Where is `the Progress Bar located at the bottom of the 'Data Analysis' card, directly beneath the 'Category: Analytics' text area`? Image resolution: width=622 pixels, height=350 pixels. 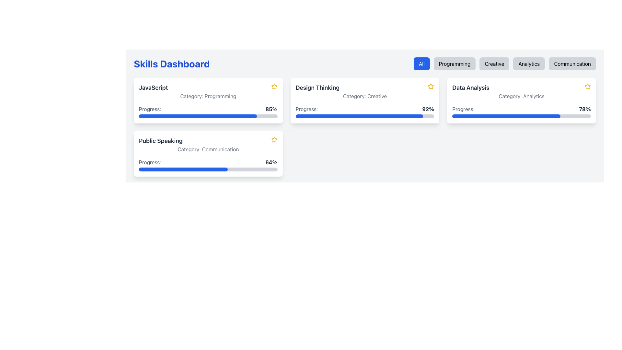 the Progress Bar located at the bottom of the 'Data Analysis' card, directly beneath the 'Category: Analytics' text area is located at coordinates (522, 111).